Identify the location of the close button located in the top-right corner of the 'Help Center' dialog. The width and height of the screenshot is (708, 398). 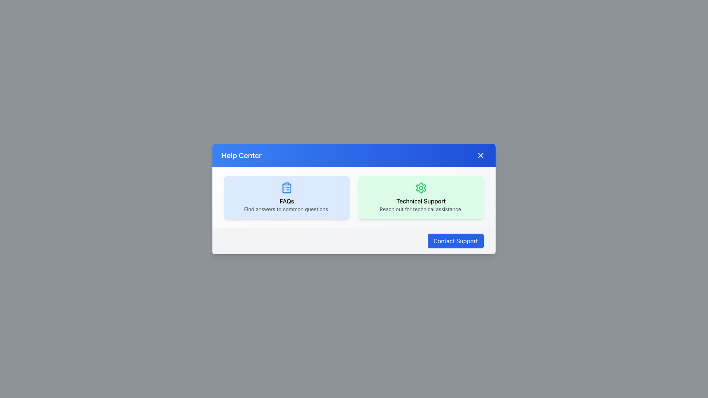
(481, 155).